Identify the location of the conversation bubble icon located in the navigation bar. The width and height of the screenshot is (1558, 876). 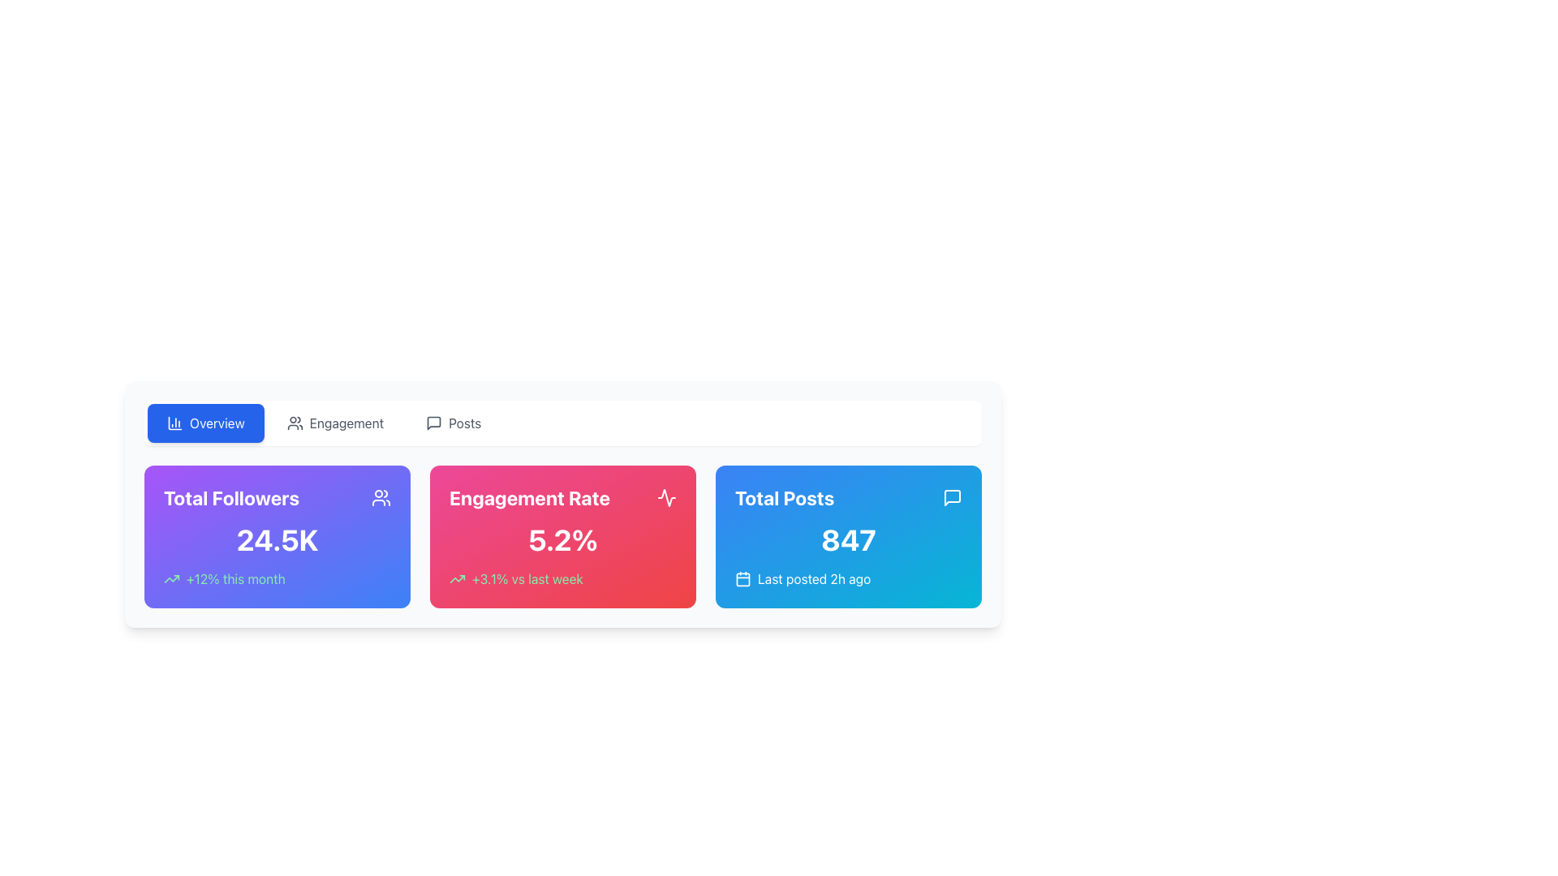
(434, 422).